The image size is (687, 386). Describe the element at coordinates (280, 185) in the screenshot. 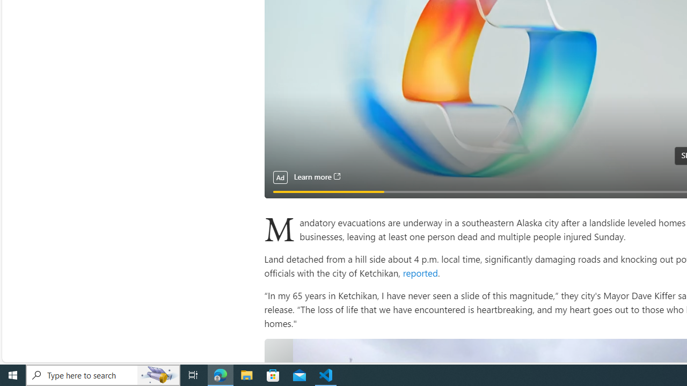

I see `'Pause'` at that location.